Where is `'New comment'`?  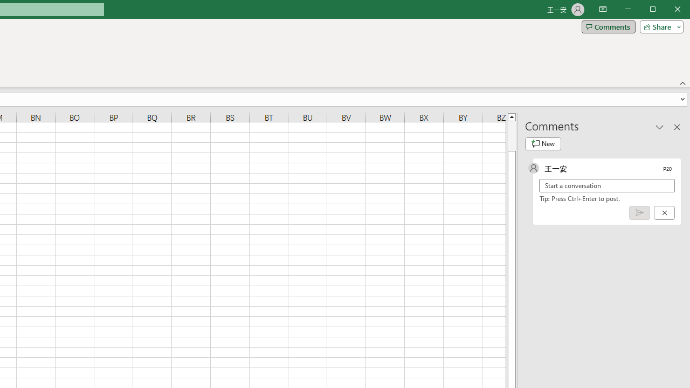 'New comment' is located at coordinates (543, 143).